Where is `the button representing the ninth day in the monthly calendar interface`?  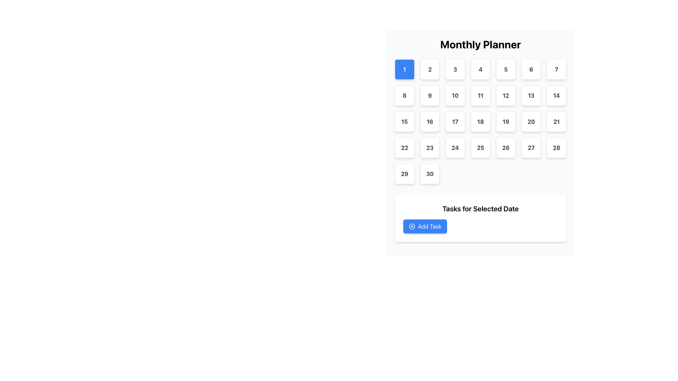
the button representing the ninth day in the monthly calendar interface is located at coordinates (429, 95).